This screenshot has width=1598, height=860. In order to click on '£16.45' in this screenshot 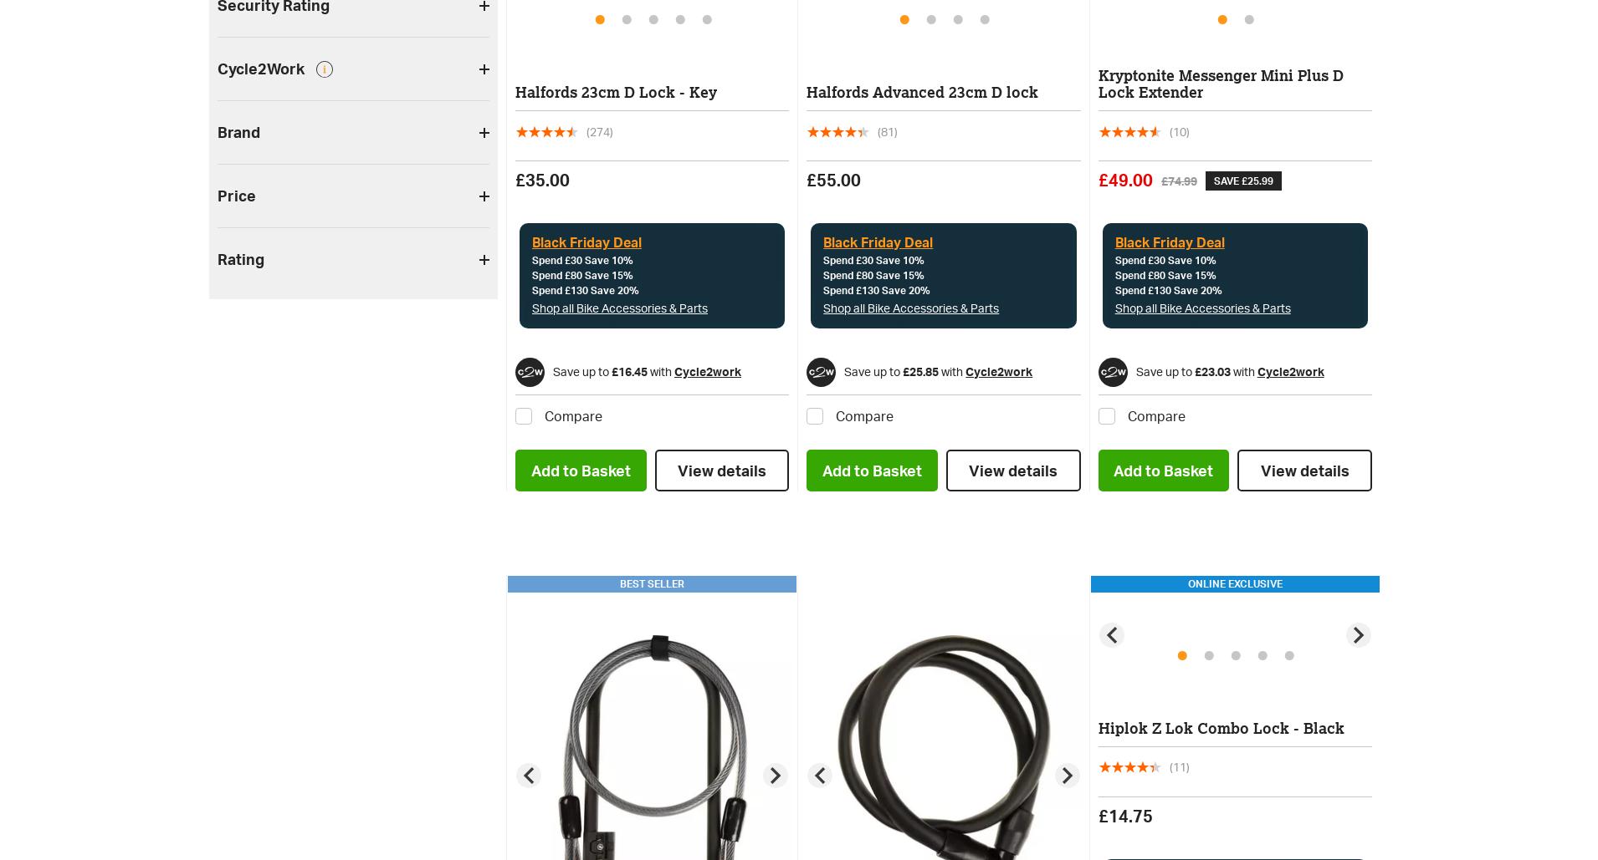, I will do `click(610, 371)`.